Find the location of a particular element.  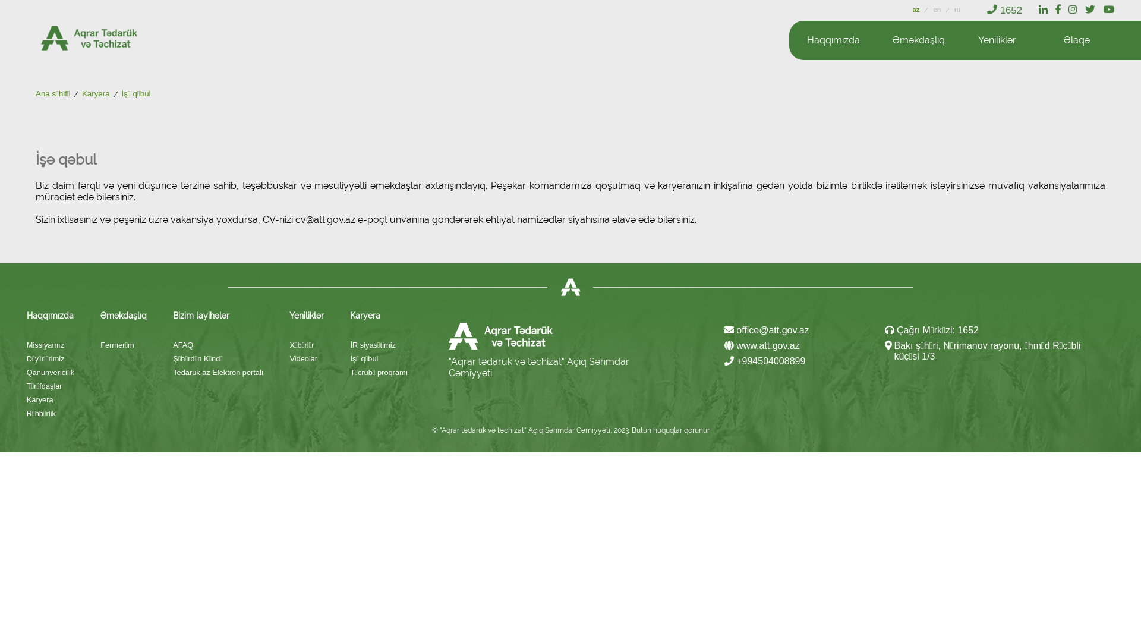

'AFAQ' is located at coordinates (218, 345).